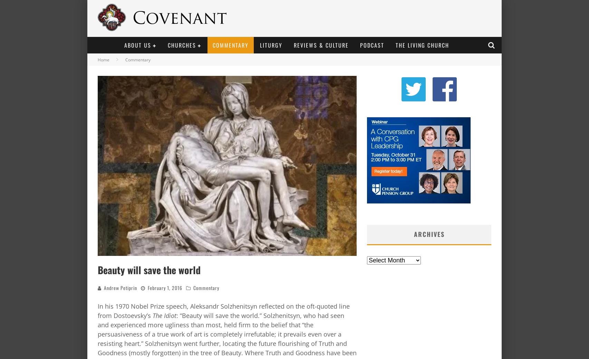  What do you see at coordinates (321, 45) in the screenshot?
I see `'Reviews & Culture'` at bounding box center [321, 45].